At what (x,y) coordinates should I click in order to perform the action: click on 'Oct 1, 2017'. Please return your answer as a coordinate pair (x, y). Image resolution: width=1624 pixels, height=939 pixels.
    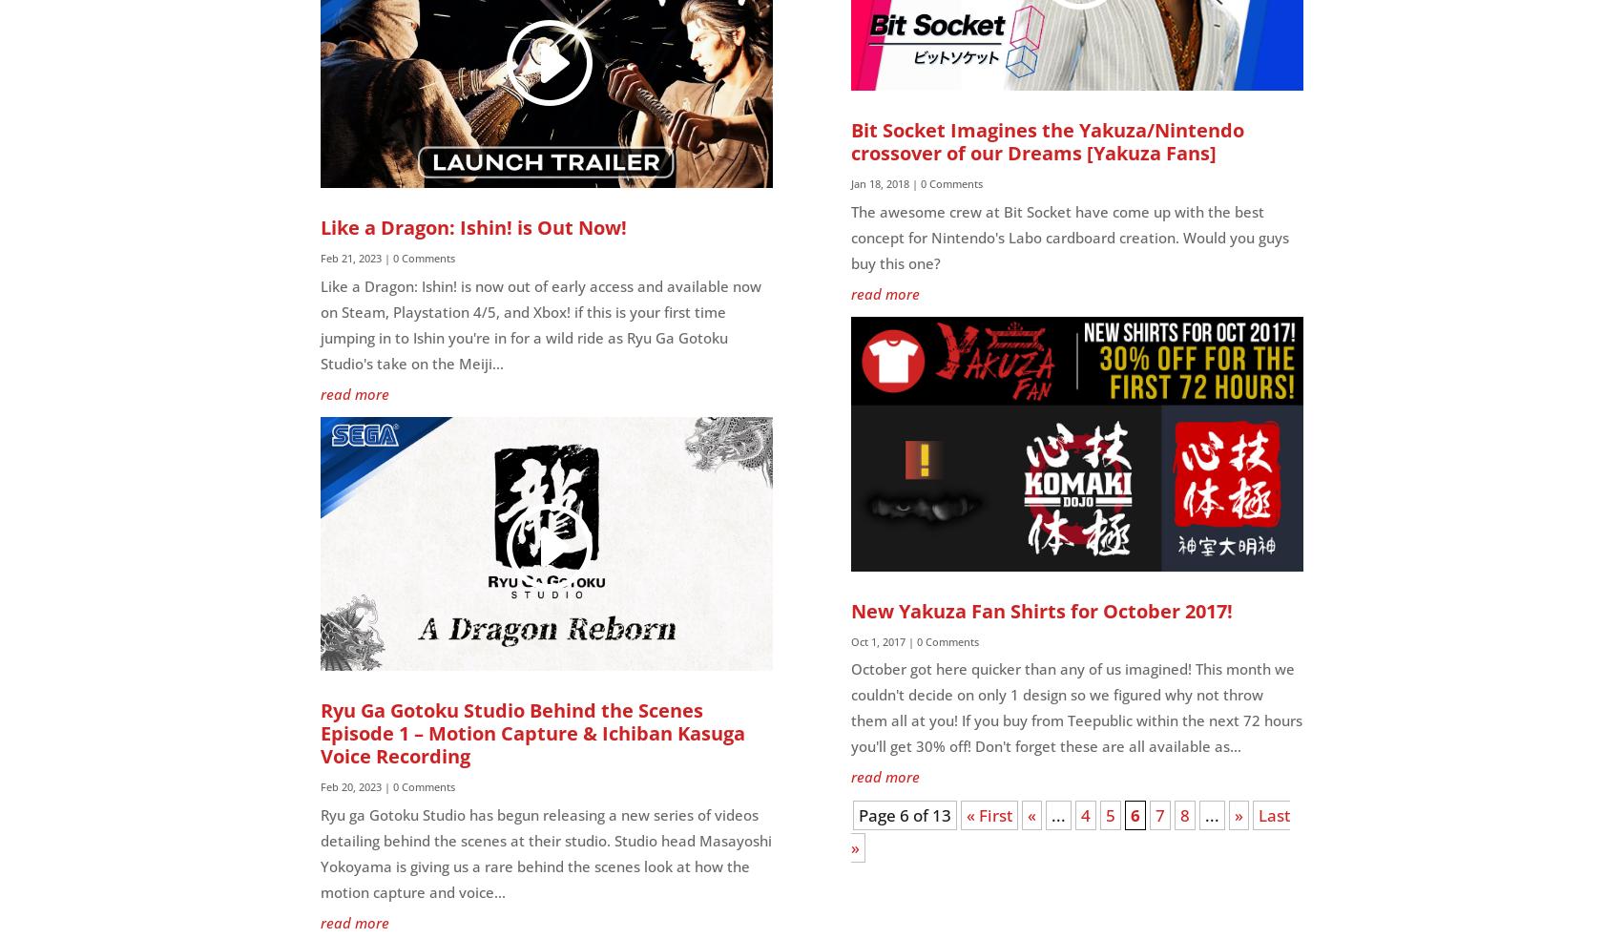
    Looking at the image, I should click on (878, 640).